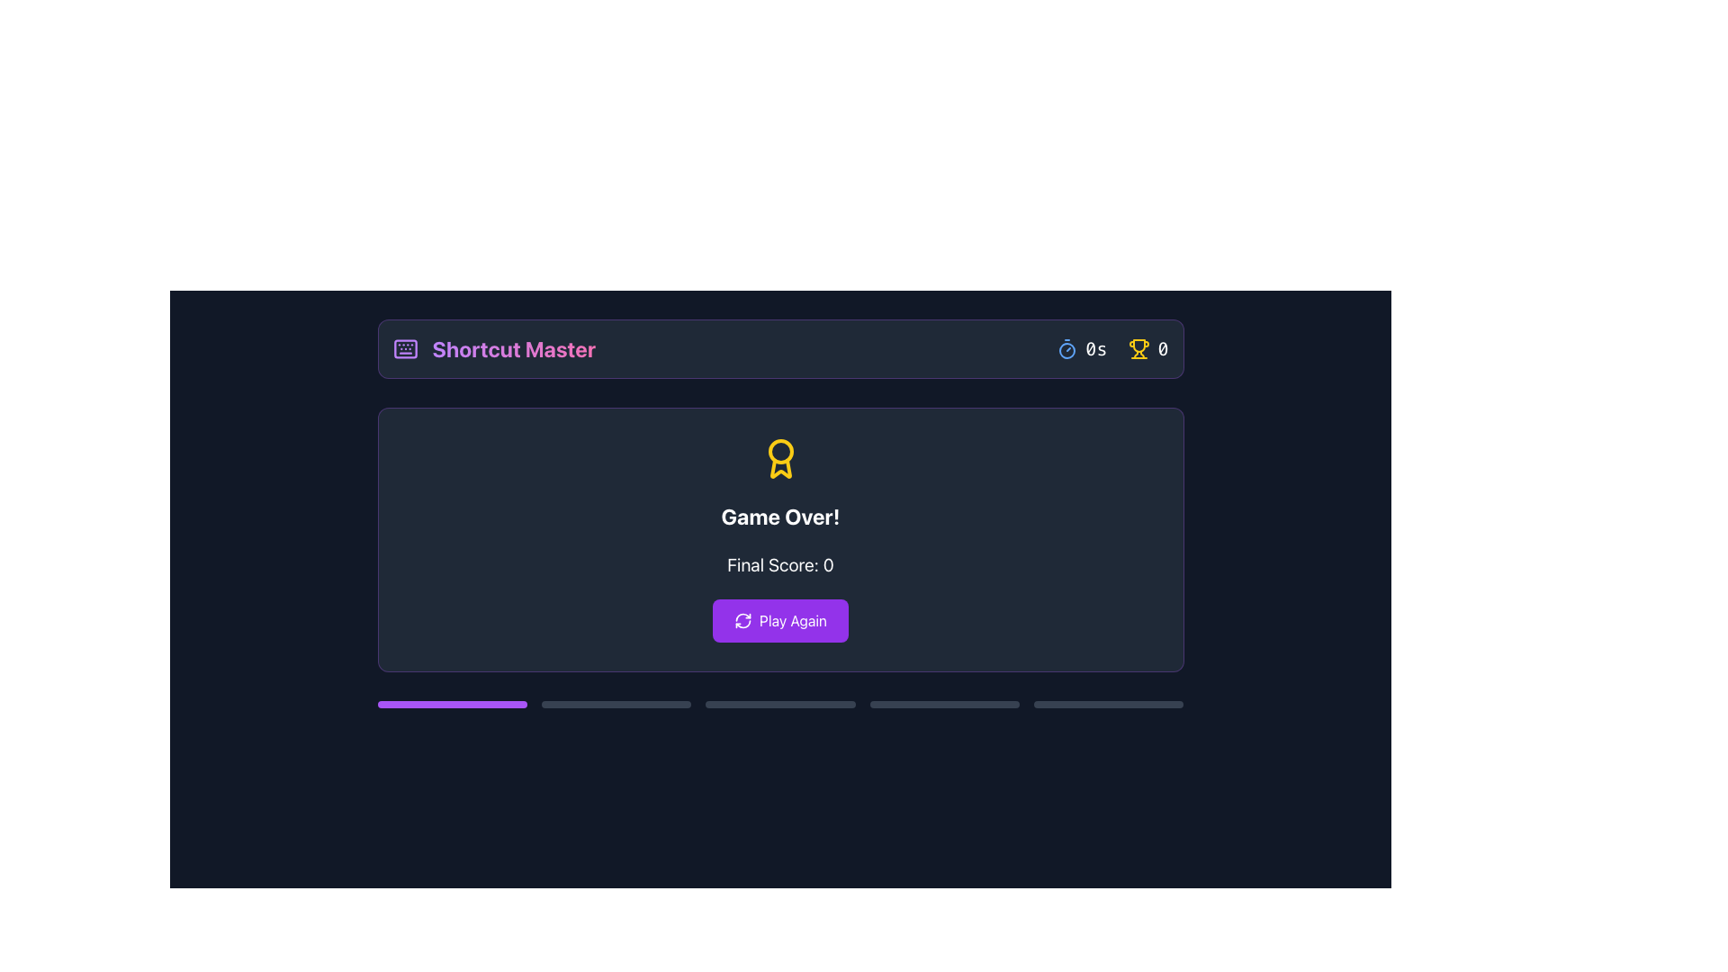 The image size is (1728, 972). Describe the element at coordinates (513, 349) in the screenshot. I see `the Text Display element indicating 'Shortcut Master', which serves as the section title or branding for the page` at that location.